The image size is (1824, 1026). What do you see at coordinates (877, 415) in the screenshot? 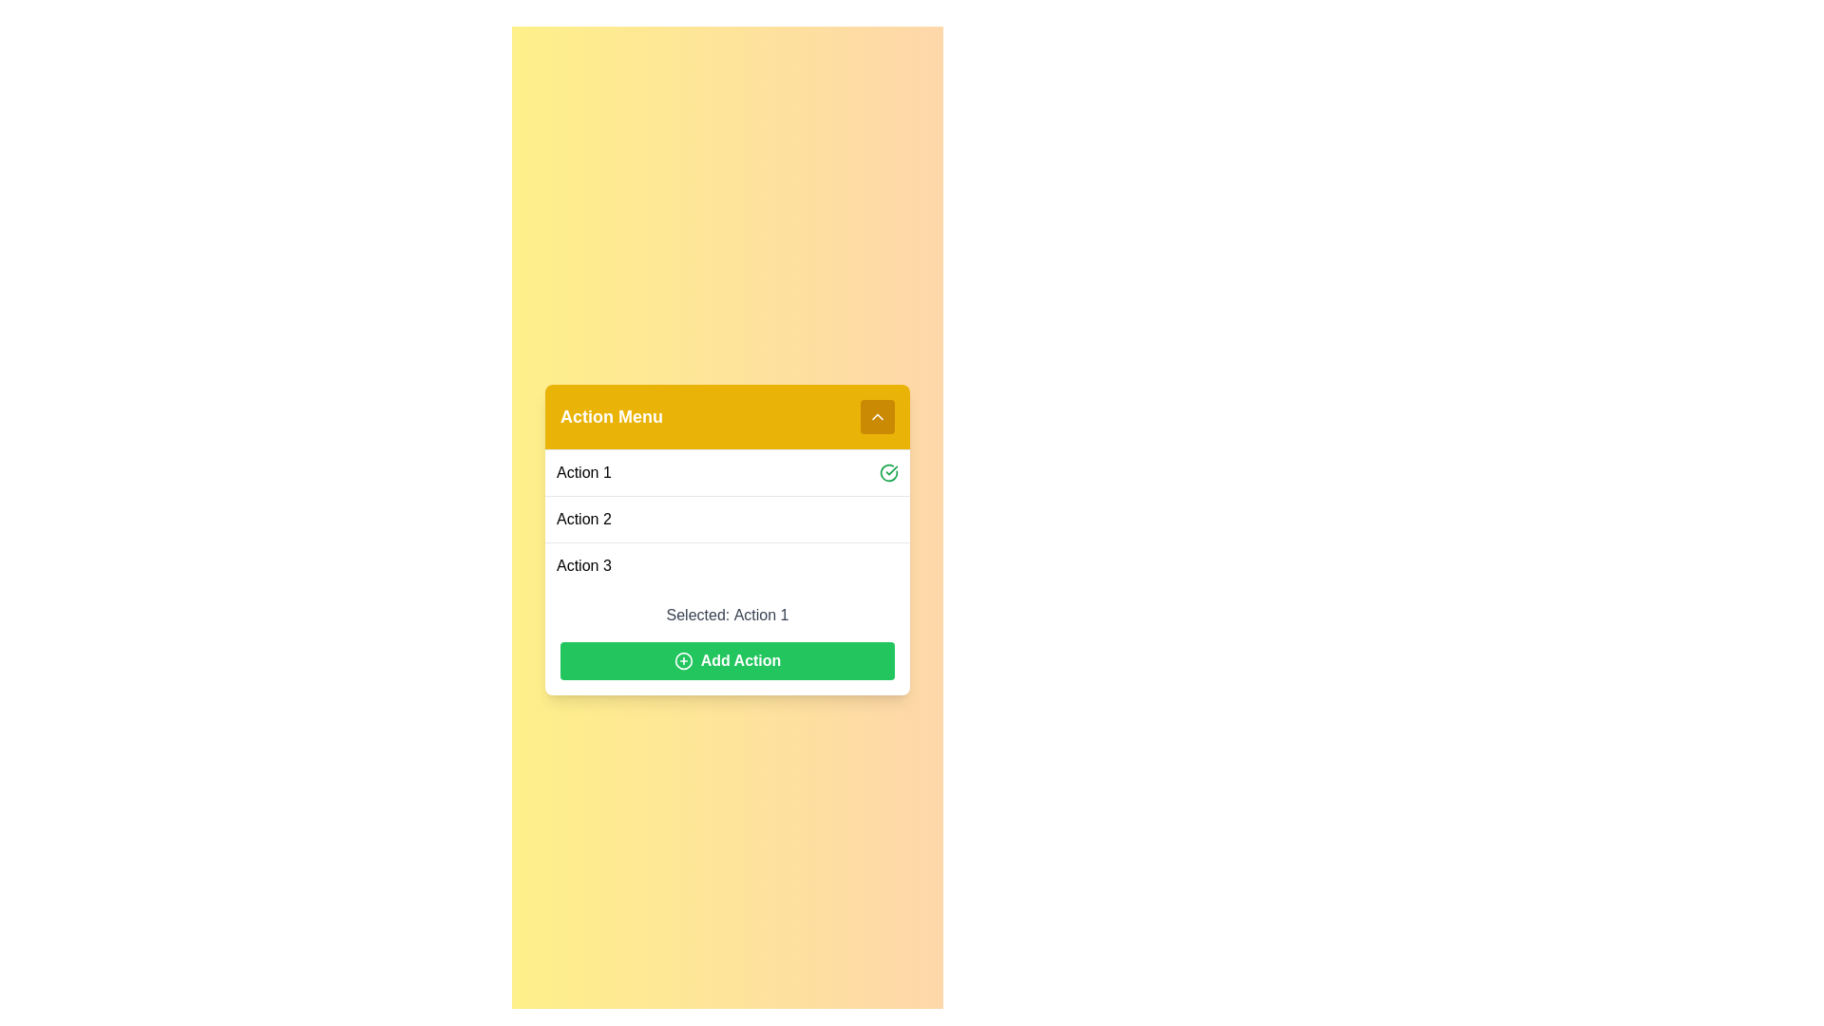
I see `the toggle button located on the far right side of the yellow header in the 'Action Menu' section` at bounding box center [877, 415].